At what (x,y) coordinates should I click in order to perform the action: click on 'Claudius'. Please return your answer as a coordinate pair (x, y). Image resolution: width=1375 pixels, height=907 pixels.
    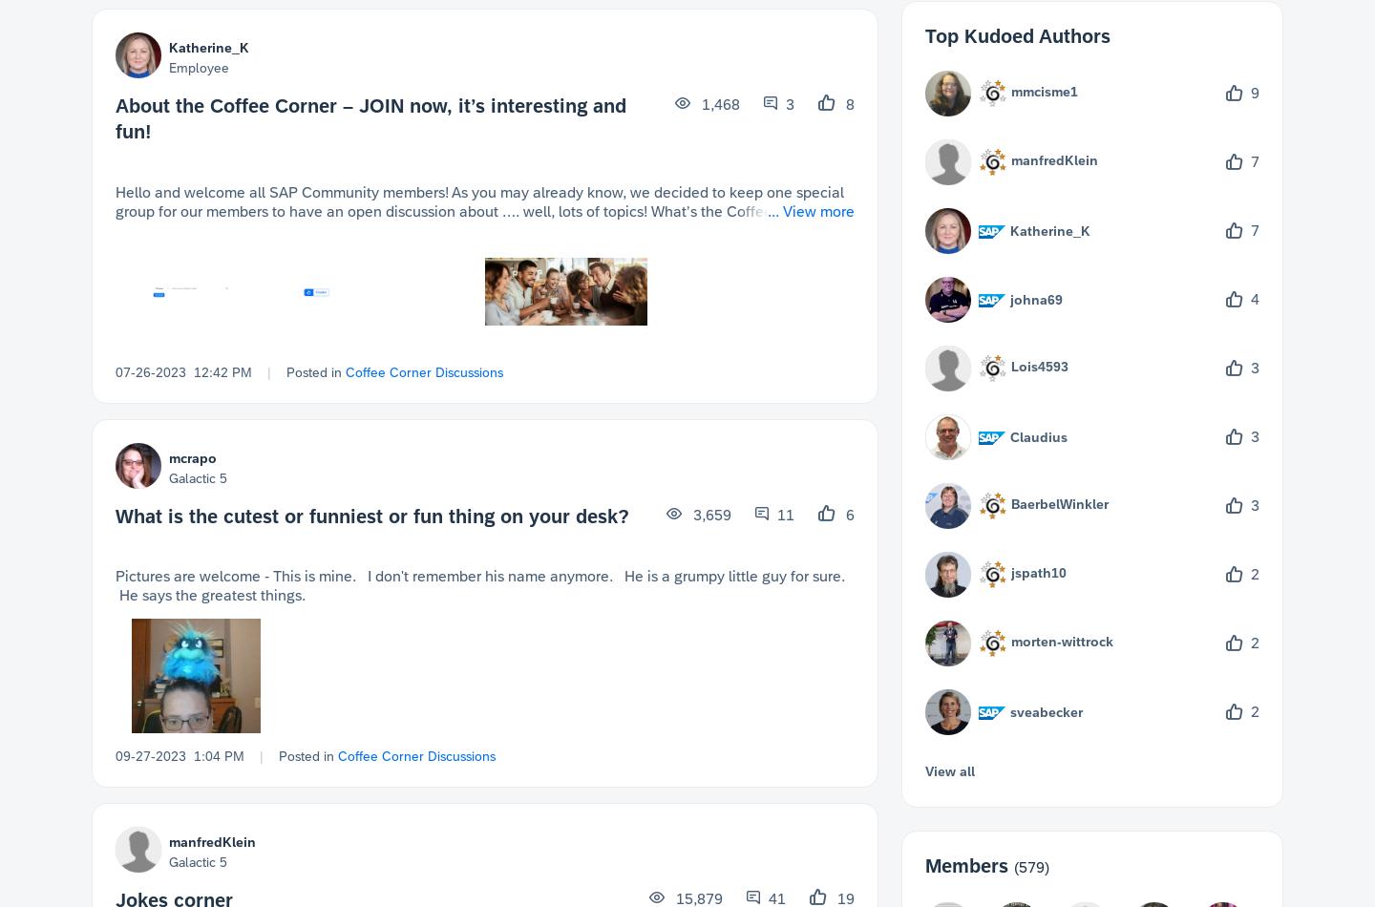
    Looking at the image, I should click on (1038, 435).